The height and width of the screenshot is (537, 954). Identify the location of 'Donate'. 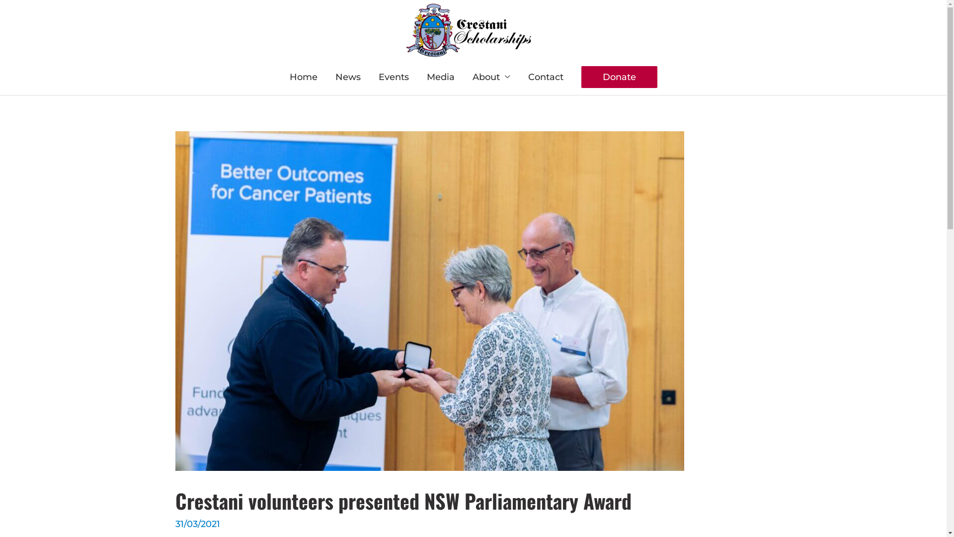
(619, 76).